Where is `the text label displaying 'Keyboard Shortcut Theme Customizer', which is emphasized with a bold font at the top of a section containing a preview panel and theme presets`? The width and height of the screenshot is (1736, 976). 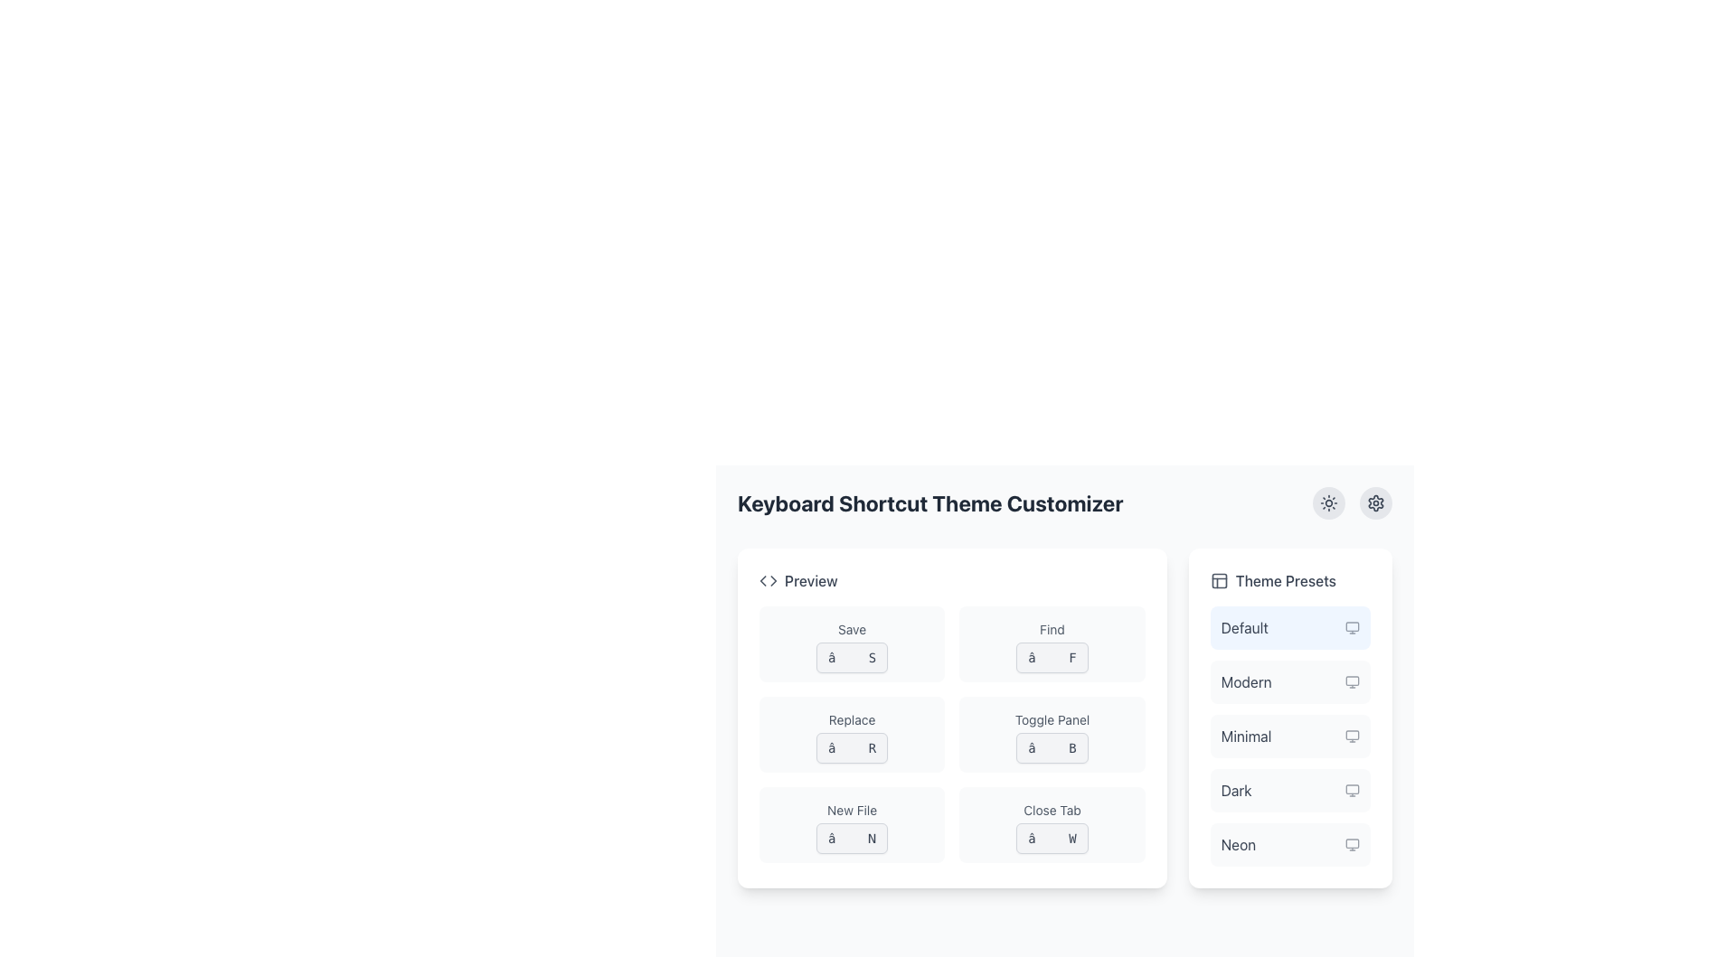
the text label displaying 'Keyboard Shortcut Theme Customizer', which is emphasized with a bold font at the top of a section containing a preview panel and theme presets is located at coordinates (930, 502).